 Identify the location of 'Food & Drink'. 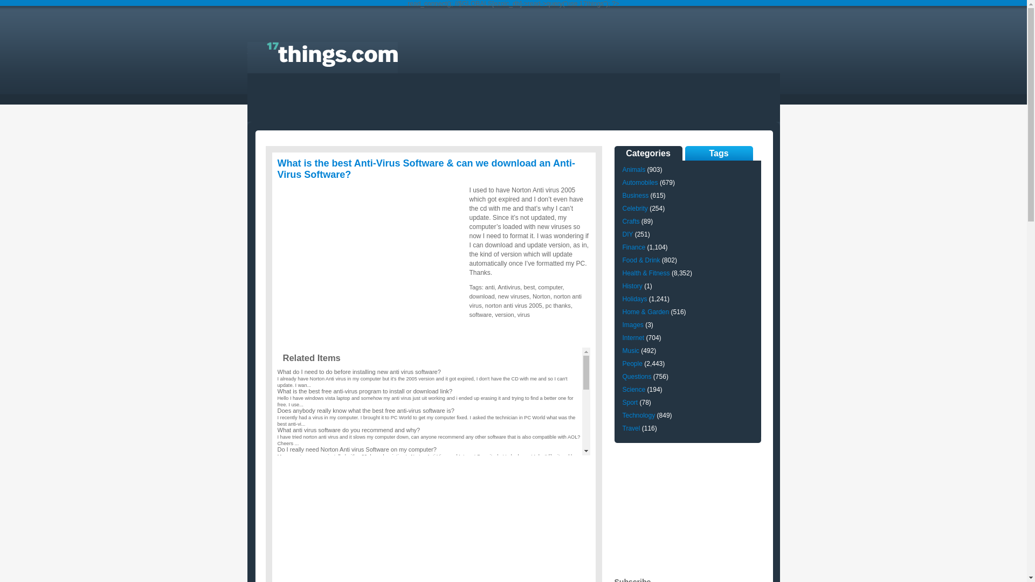
(641, 260).